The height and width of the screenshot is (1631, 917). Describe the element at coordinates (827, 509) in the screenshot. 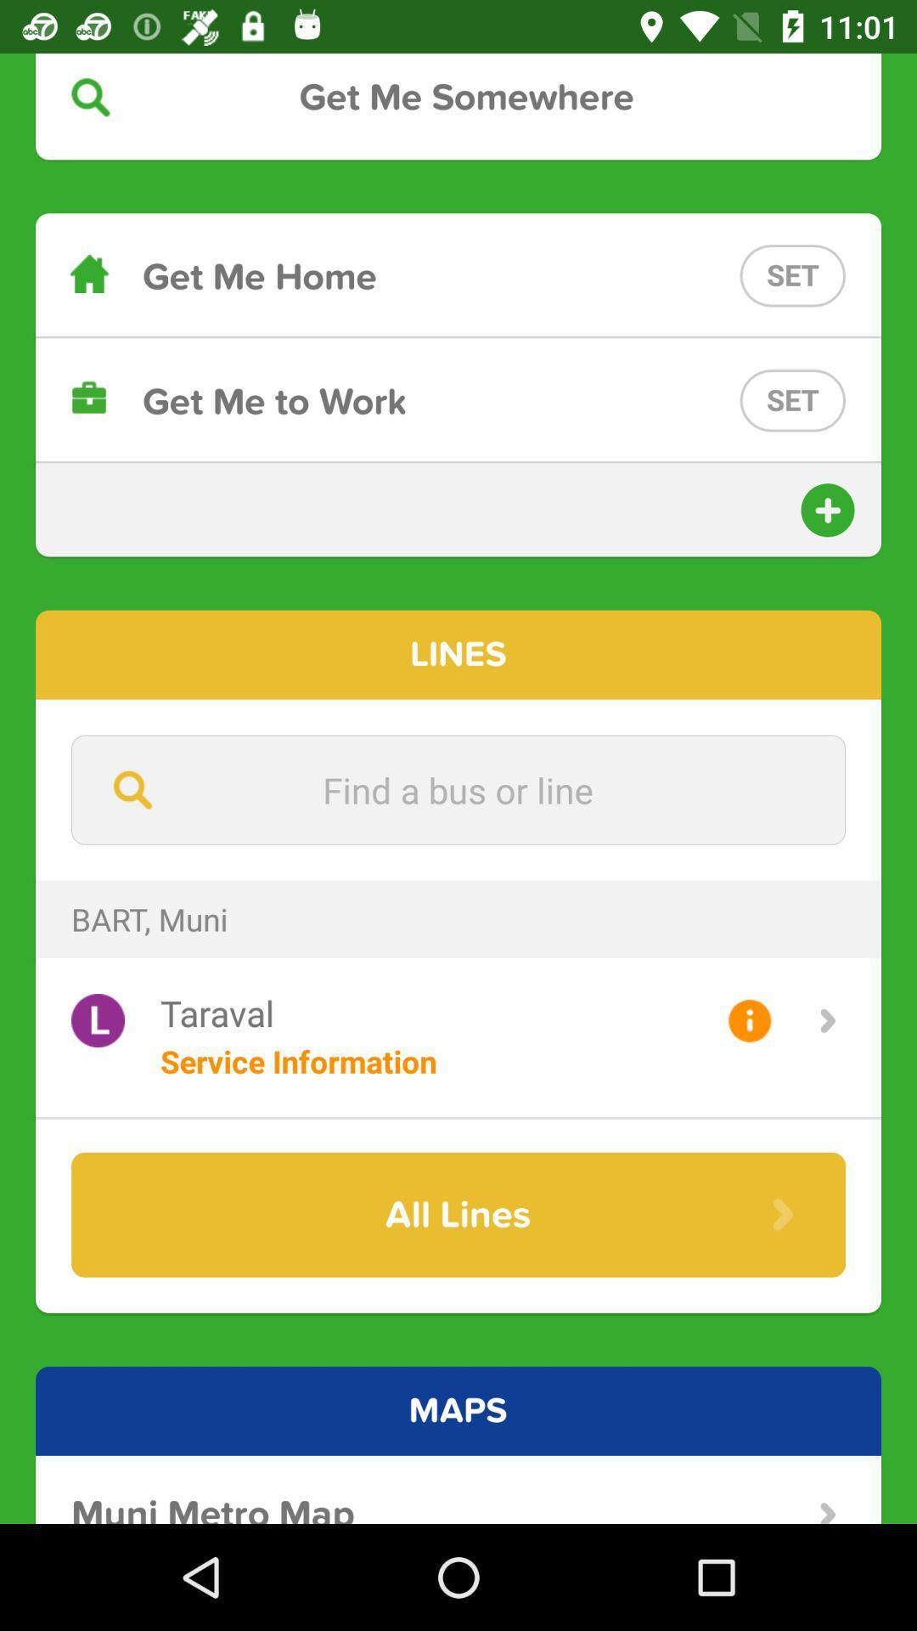

I see `the add symbol at the right side of the page` at that location.